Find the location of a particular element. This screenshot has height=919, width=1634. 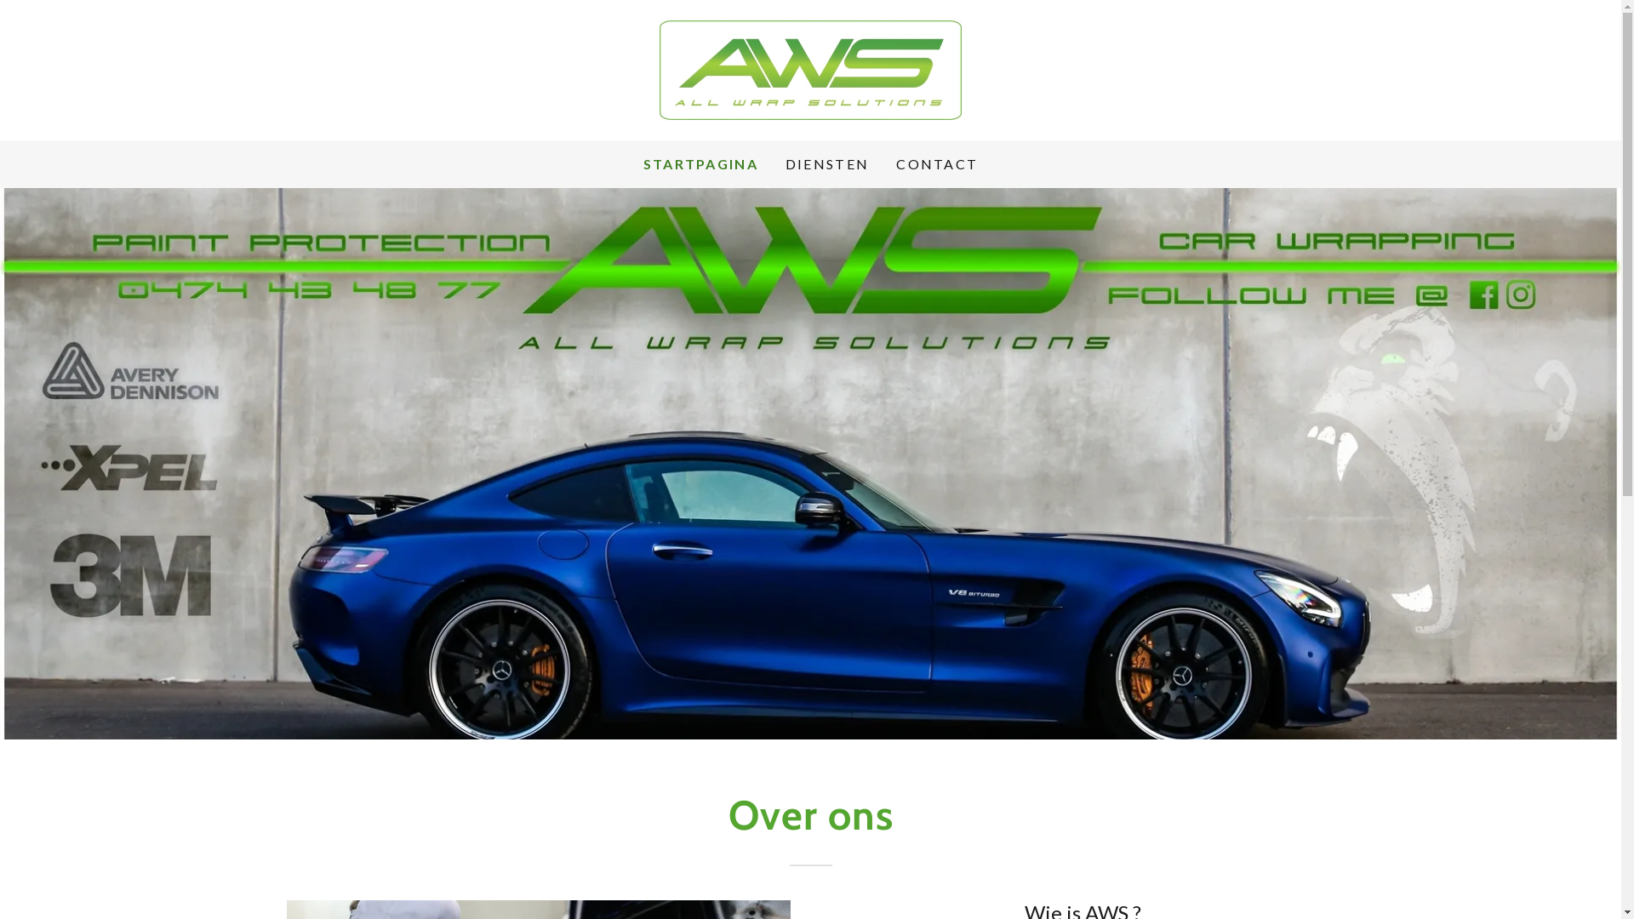

'STARTPAGINA' is located at coordinates (700, 163).